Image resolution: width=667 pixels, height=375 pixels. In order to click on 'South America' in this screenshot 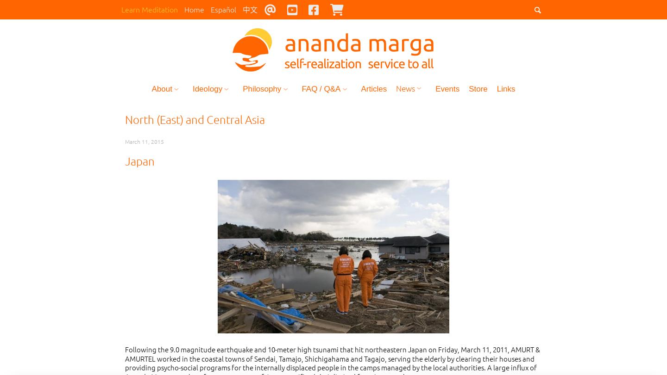, I will do `click(426, 133)`.